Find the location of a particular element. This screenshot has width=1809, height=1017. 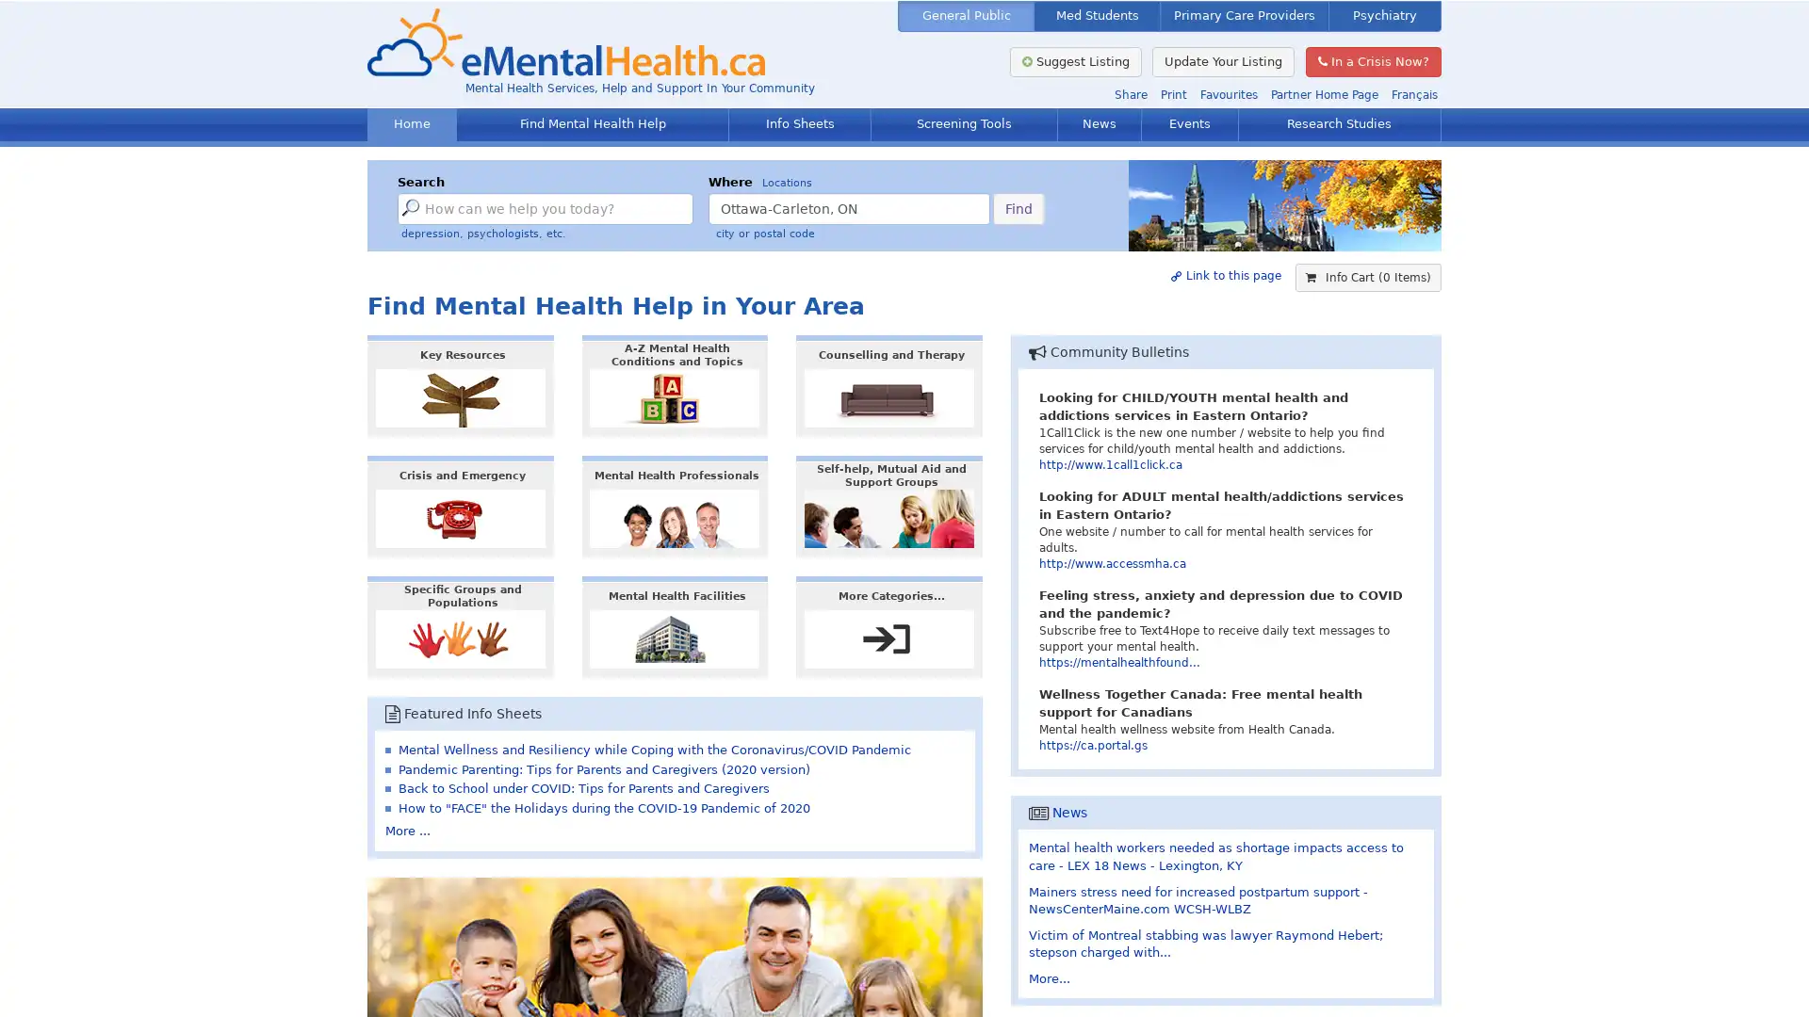

Find is located at coordinates (1017, 209).